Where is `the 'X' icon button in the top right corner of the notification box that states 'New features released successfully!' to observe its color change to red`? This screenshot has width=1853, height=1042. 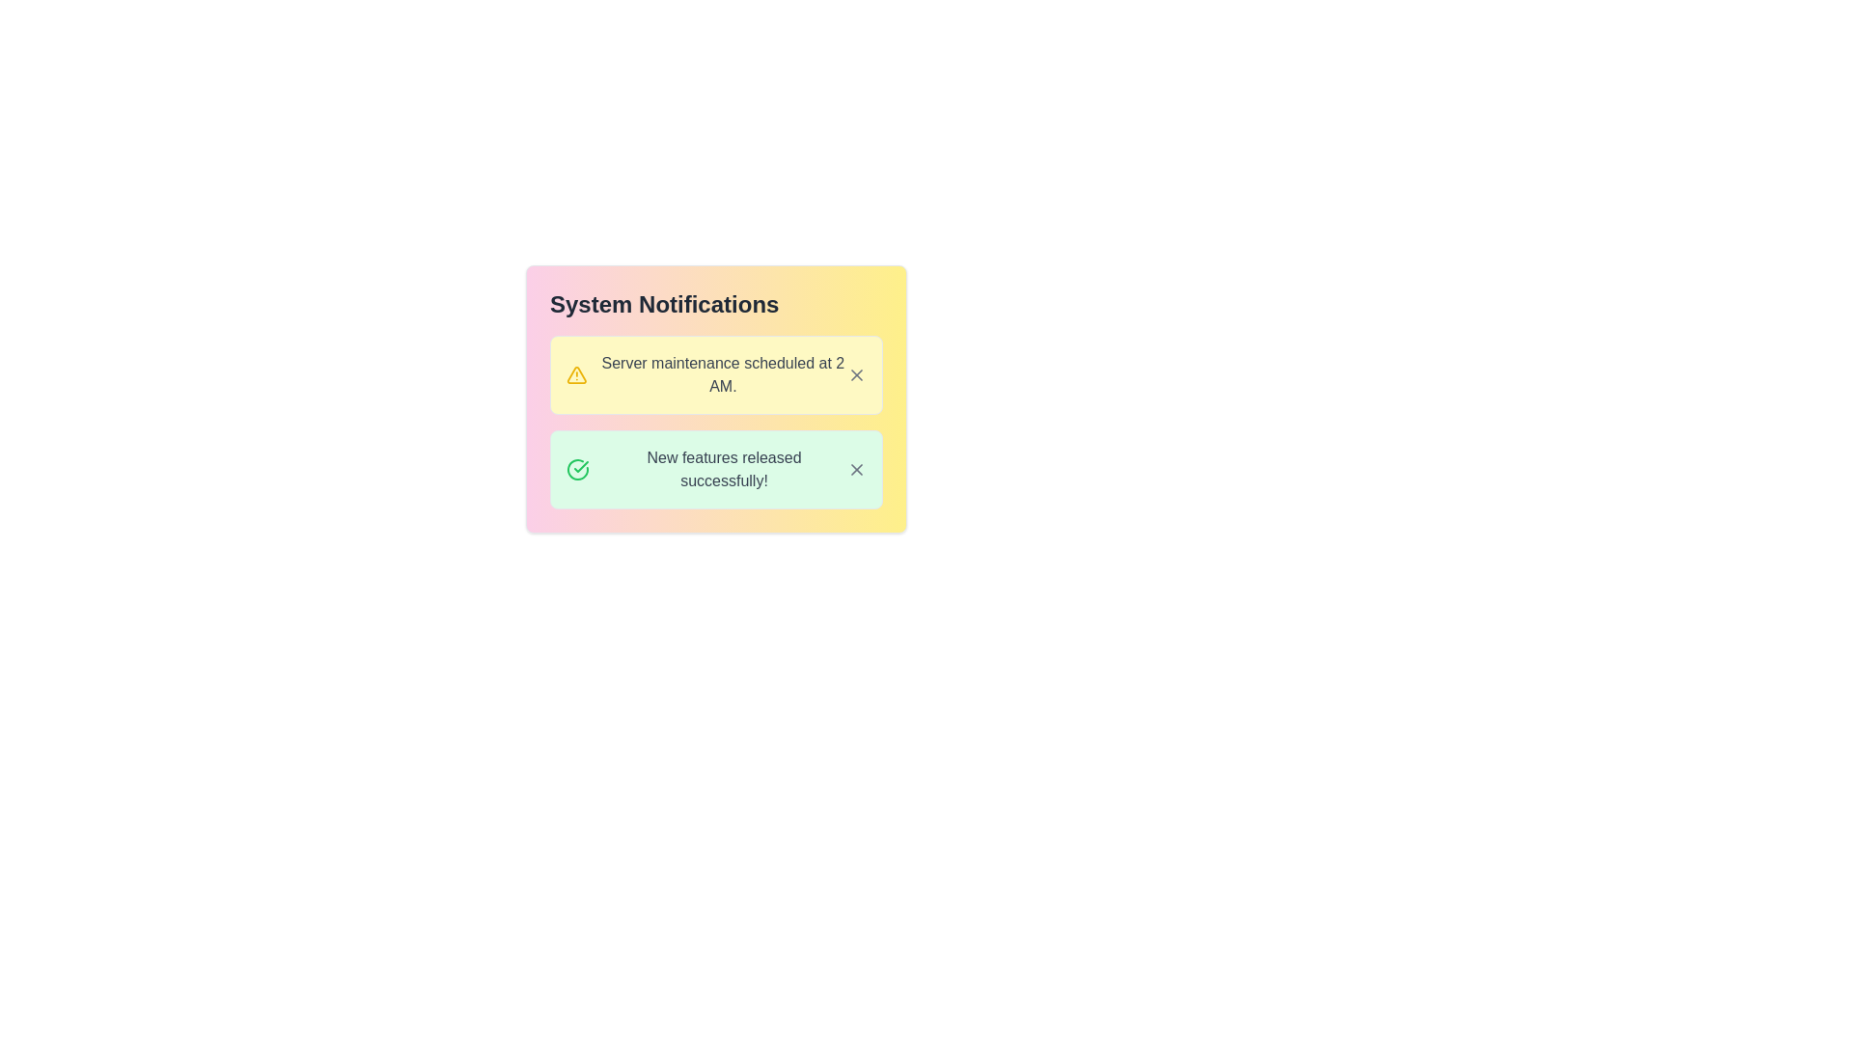 the 'X' icon button in the top right corner of the notification box that states 'New features released successfully!' to observe its color change to red is located at coordinates (856, 469).